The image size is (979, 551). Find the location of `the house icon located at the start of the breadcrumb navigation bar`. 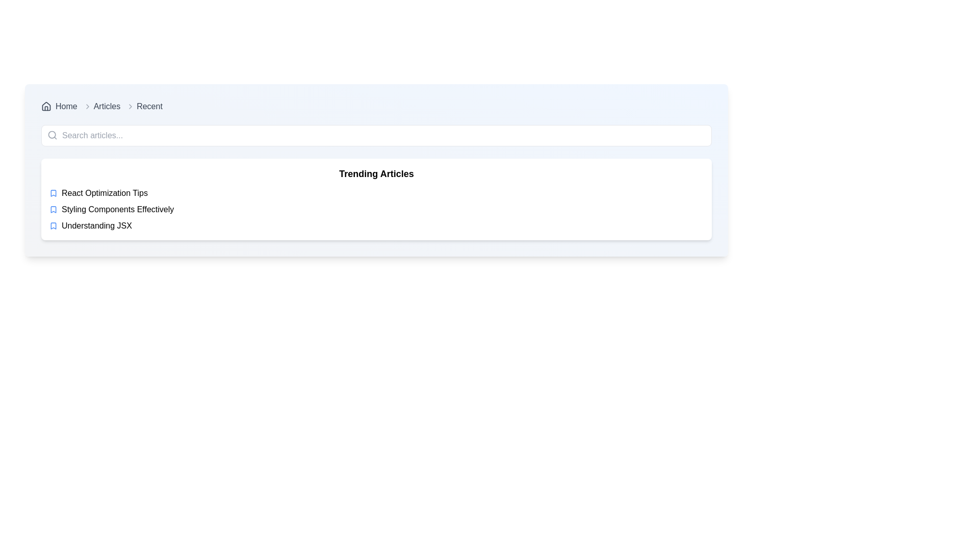

the house icon located at the start of the breadcrumb navigation bar is located at coordinates (46, 106).